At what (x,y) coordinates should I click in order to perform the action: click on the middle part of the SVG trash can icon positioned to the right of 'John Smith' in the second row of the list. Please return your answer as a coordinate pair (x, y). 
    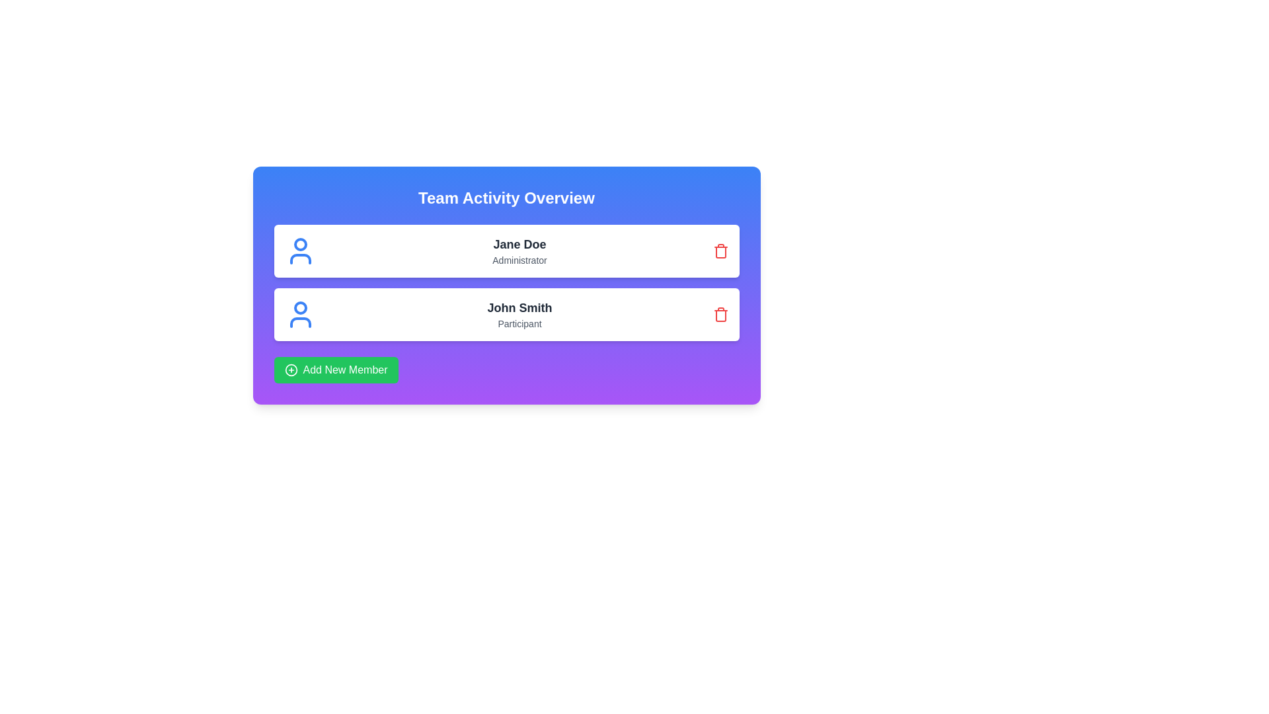
    Looking at the image, I should click on (720, 316).